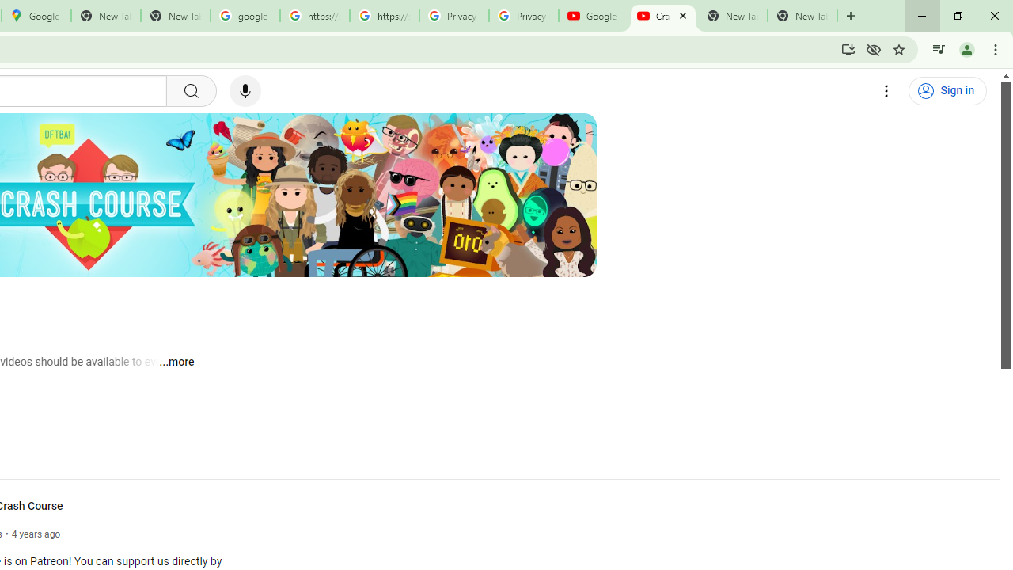 The image size is (1013, 570). Describe the element at coordinates (384, 16) in the screenshot. I see `'https://scholar.google.com/'` at that location.